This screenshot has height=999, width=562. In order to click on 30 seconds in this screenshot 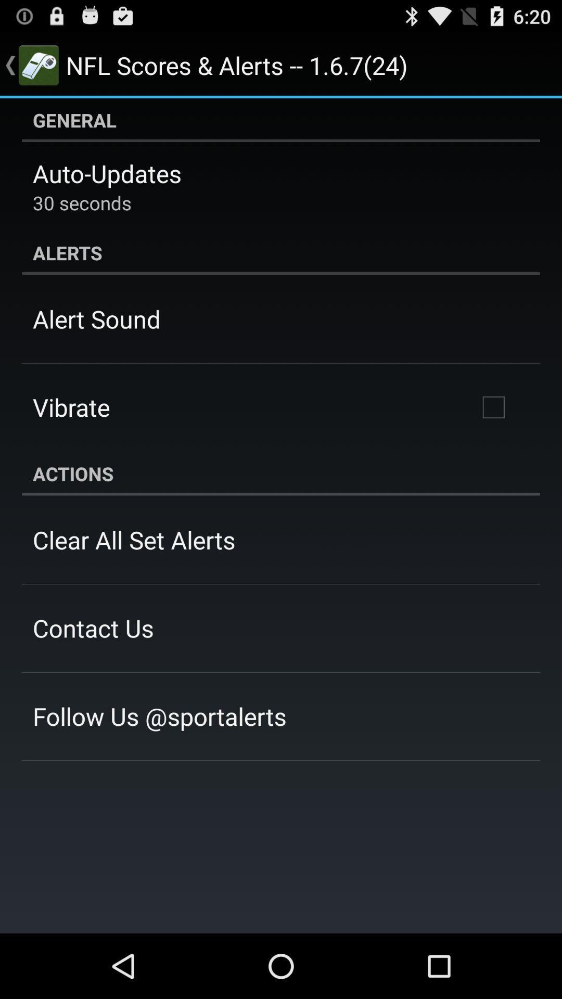, I will do `click(81, 202)`.